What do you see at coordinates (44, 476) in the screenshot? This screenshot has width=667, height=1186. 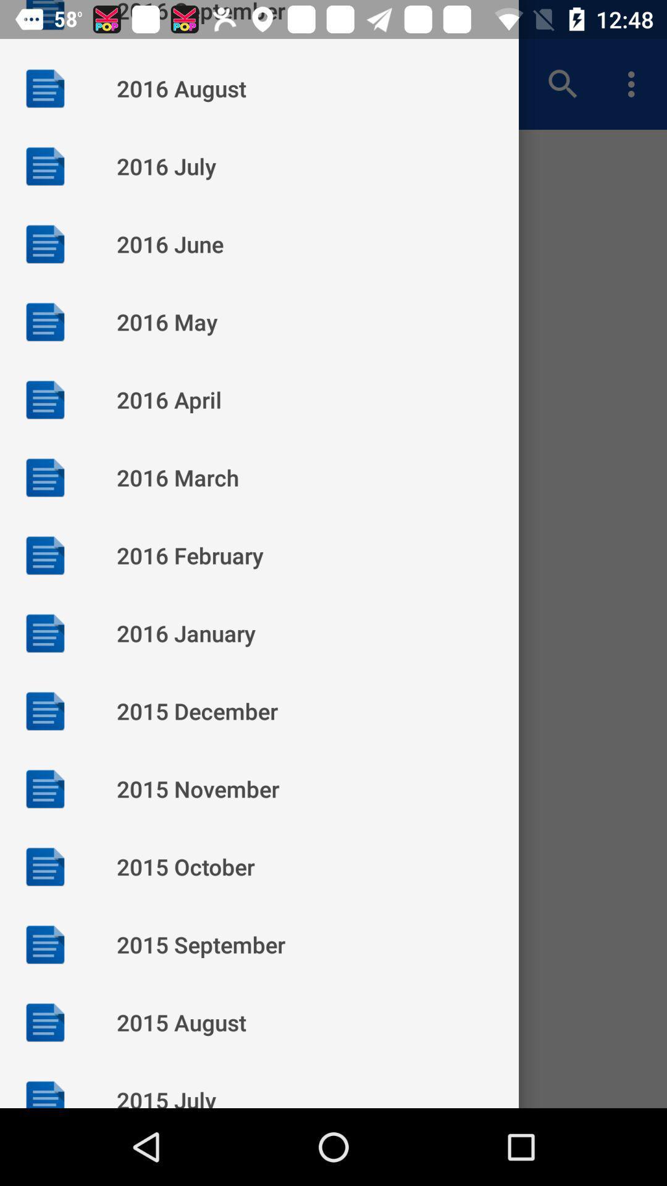 I see `document below 2016 april` at bounding box center [44, 476].